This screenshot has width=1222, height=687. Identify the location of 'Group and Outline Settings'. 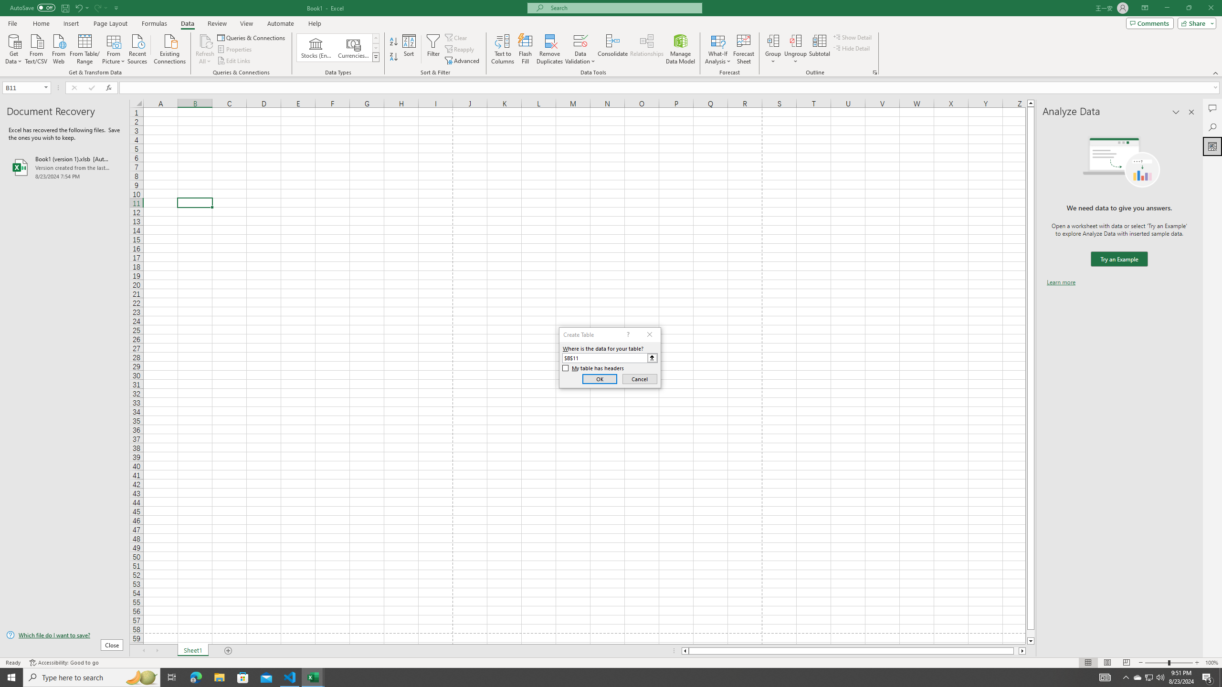
(874, 72).